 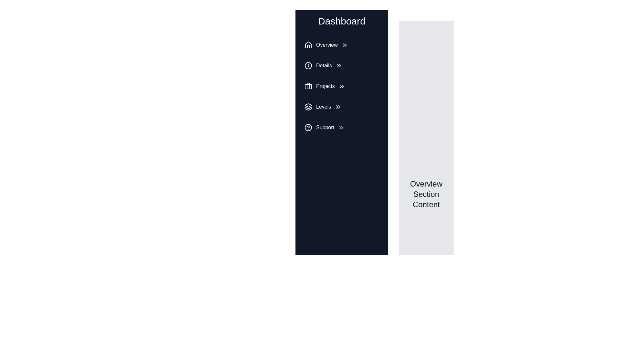 I want to click on the double rightward chevron icons (>>) located to the far-right side of the 'Overview' menu item under the 'Dashboard' header to interact or expand associated content, so click(x=344, y=44).